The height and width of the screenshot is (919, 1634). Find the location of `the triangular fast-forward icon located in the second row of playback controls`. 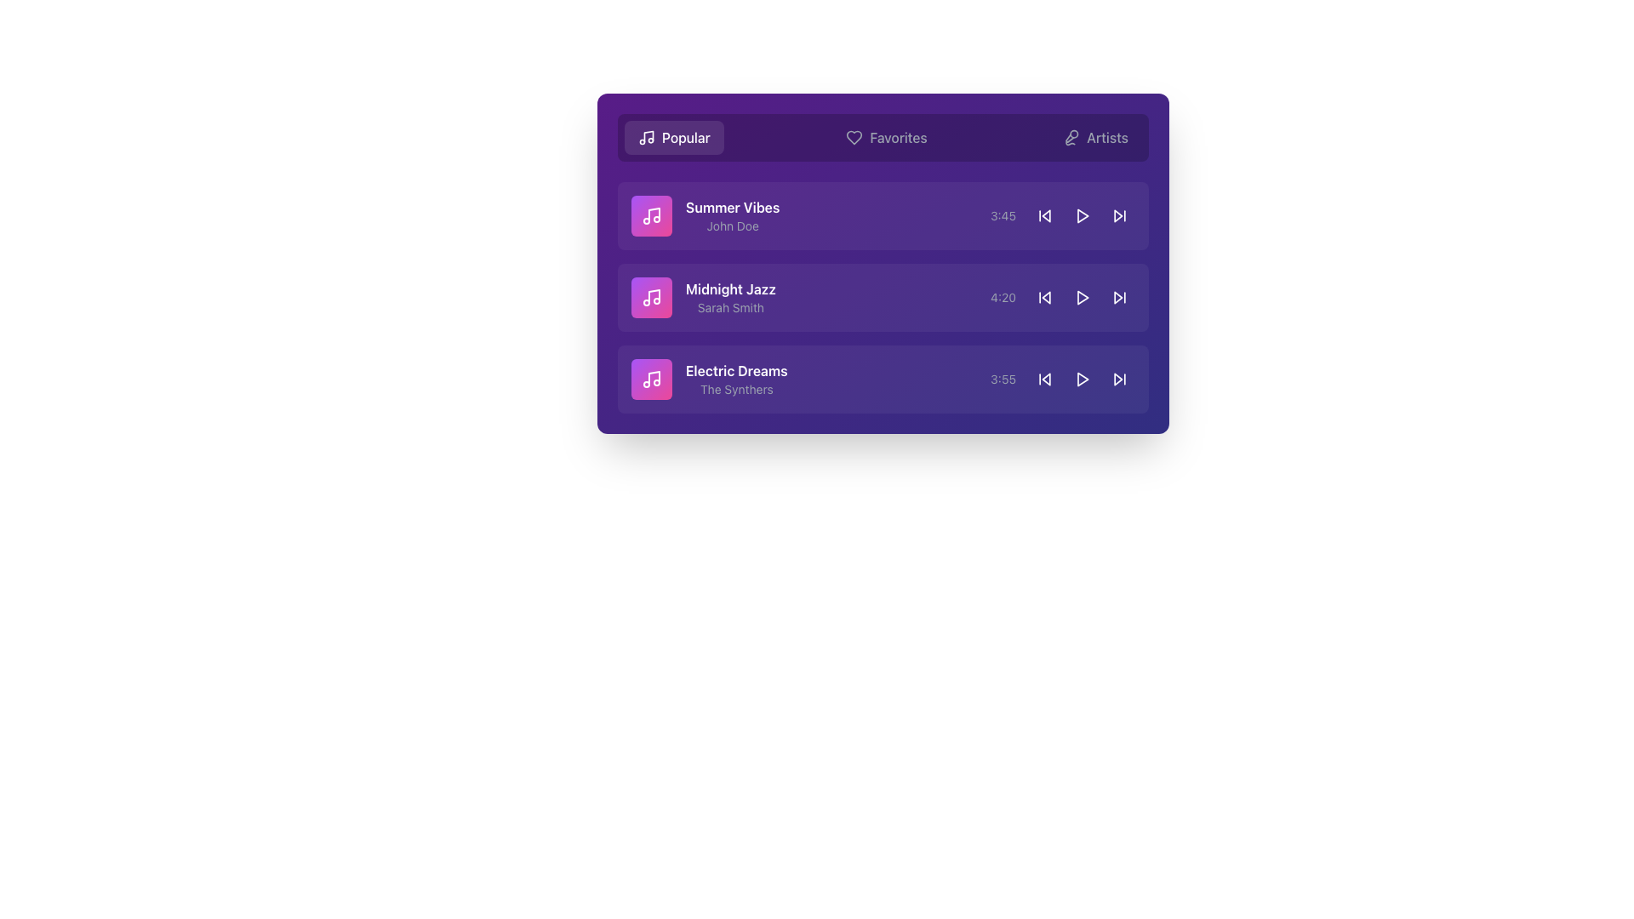

the triangular fast-forward icon located in the second row of playback controls is located at coordinates (1118, 297).